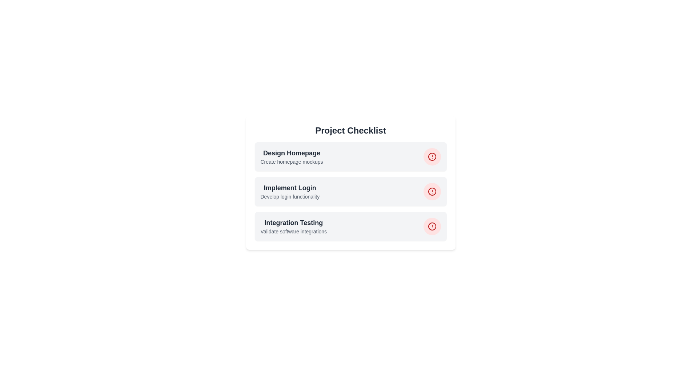 The image size is (698, 392). What do you see at coordinates (432, 191) in the screenshot?
I see `the circular graphical element representing a warning in the 'Project Checklist' associated with the 'Implement Login' task` at bounding box center [432, 191].